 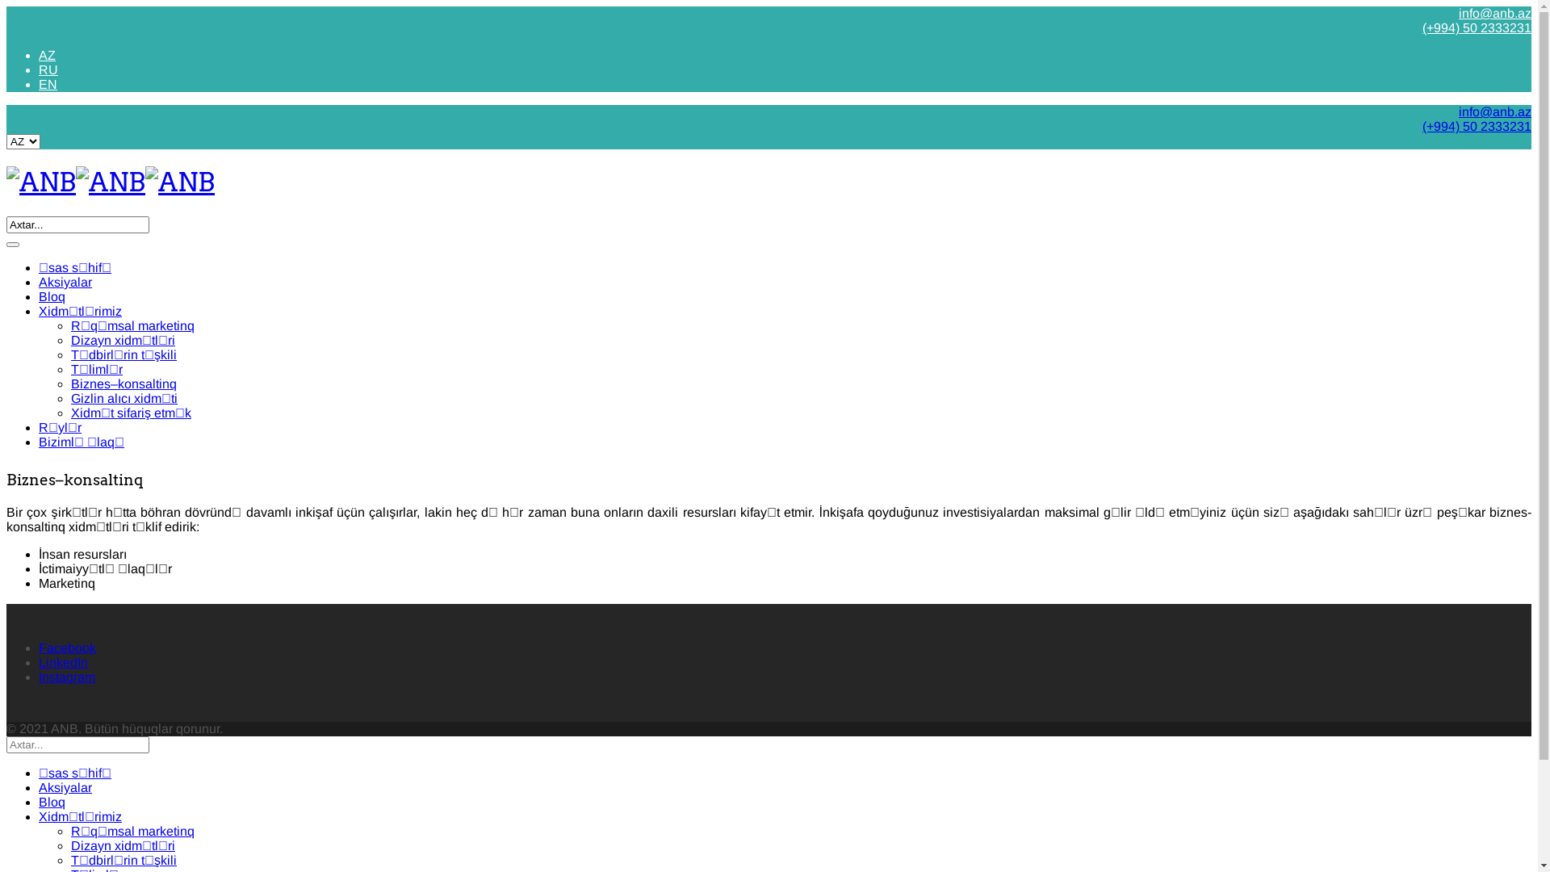 What do you see at coordinates (1477, 125) in the screenshot?
I see `'(+994) 50 2333231'` at bounding box center [1477, 125].